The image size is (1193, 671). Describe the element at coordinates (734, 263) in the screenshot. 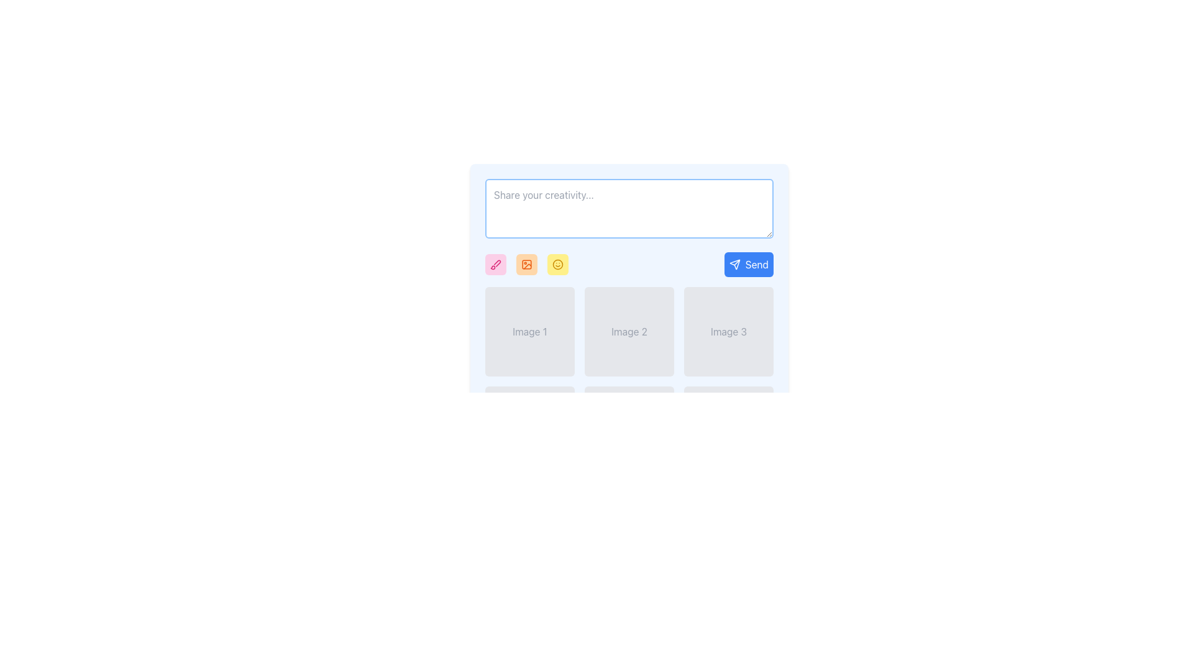

I see `the vector graphic icon resembling an arrow or paper plane, which is embedded in the blue 'Send' button located at the top-right corner of the interface` at that location.